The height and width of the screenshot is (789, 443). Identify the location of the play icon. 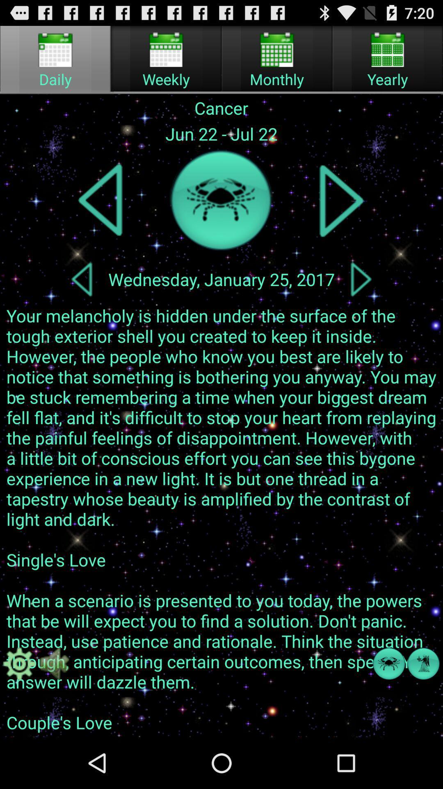
(341, 215).